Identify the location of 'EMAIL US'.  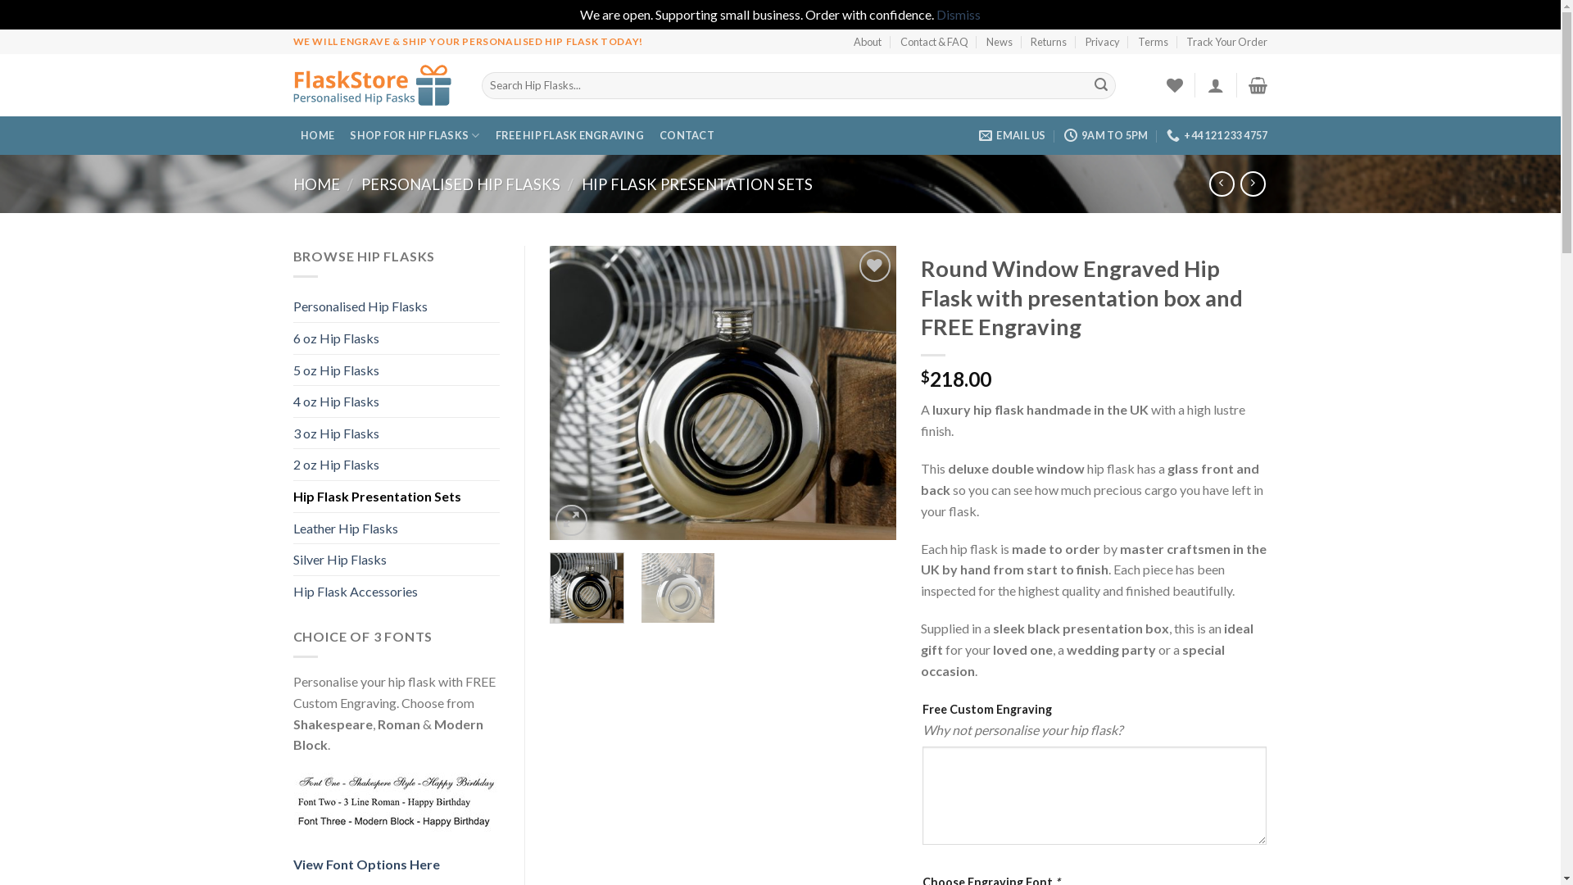
(1011, 134).